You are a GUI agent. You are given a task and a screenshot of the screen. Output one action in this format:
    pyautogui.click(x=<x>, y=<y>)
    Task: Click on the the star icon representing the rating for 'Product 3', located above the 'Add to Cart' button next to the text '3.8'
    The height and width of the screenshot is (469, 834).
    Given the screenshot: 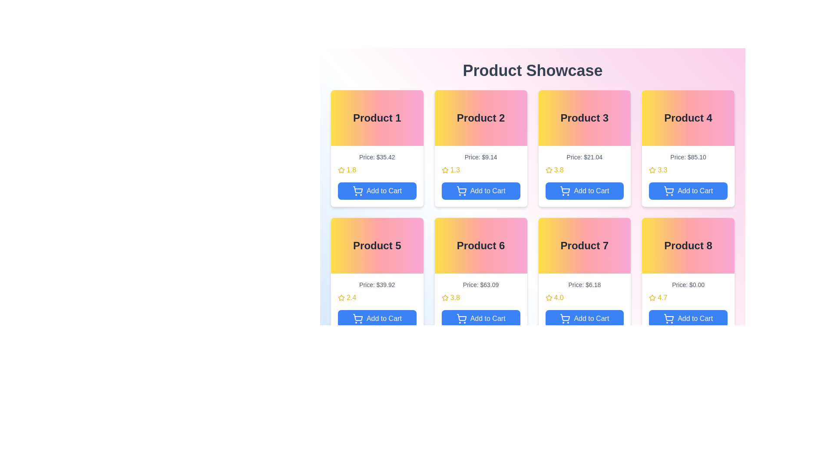 What is the action you would take?
    pyautogui.click(x=548, y=170)
    